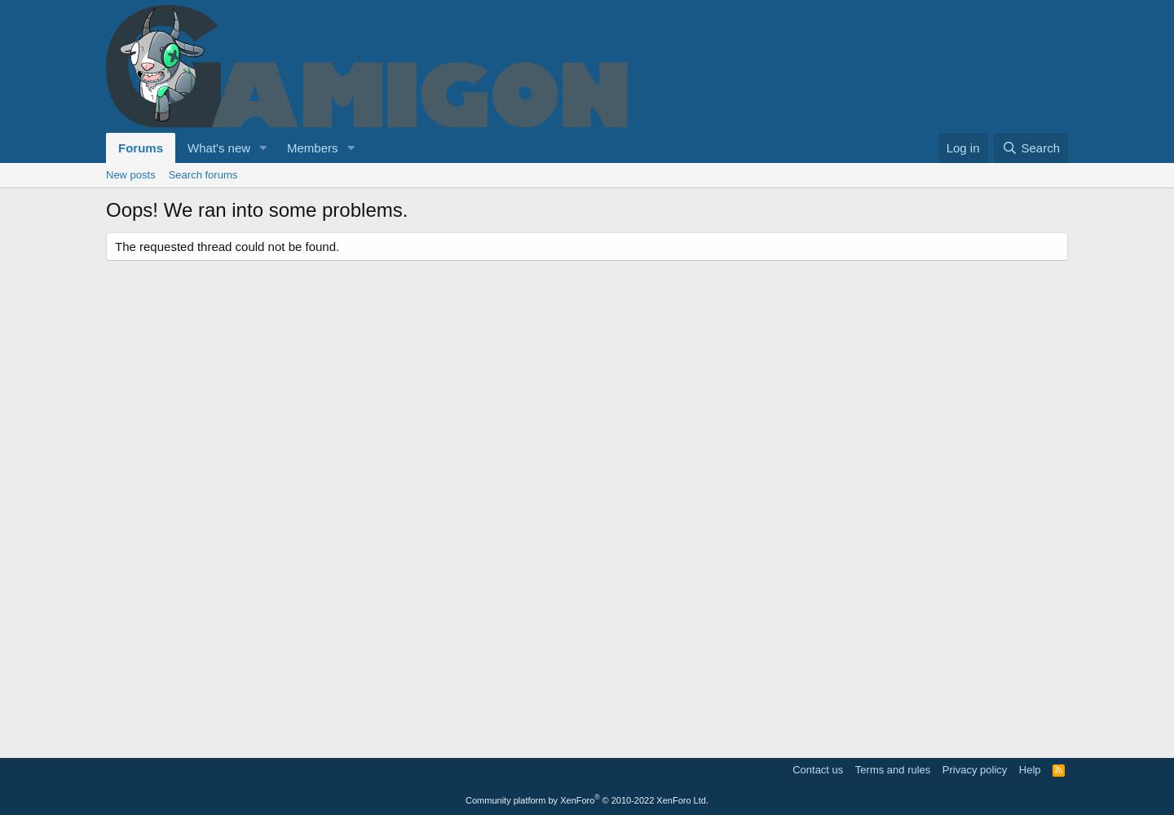  Describe the element at coordinates (129, 174) in the screenshot. I see `'New posts'` at that location.